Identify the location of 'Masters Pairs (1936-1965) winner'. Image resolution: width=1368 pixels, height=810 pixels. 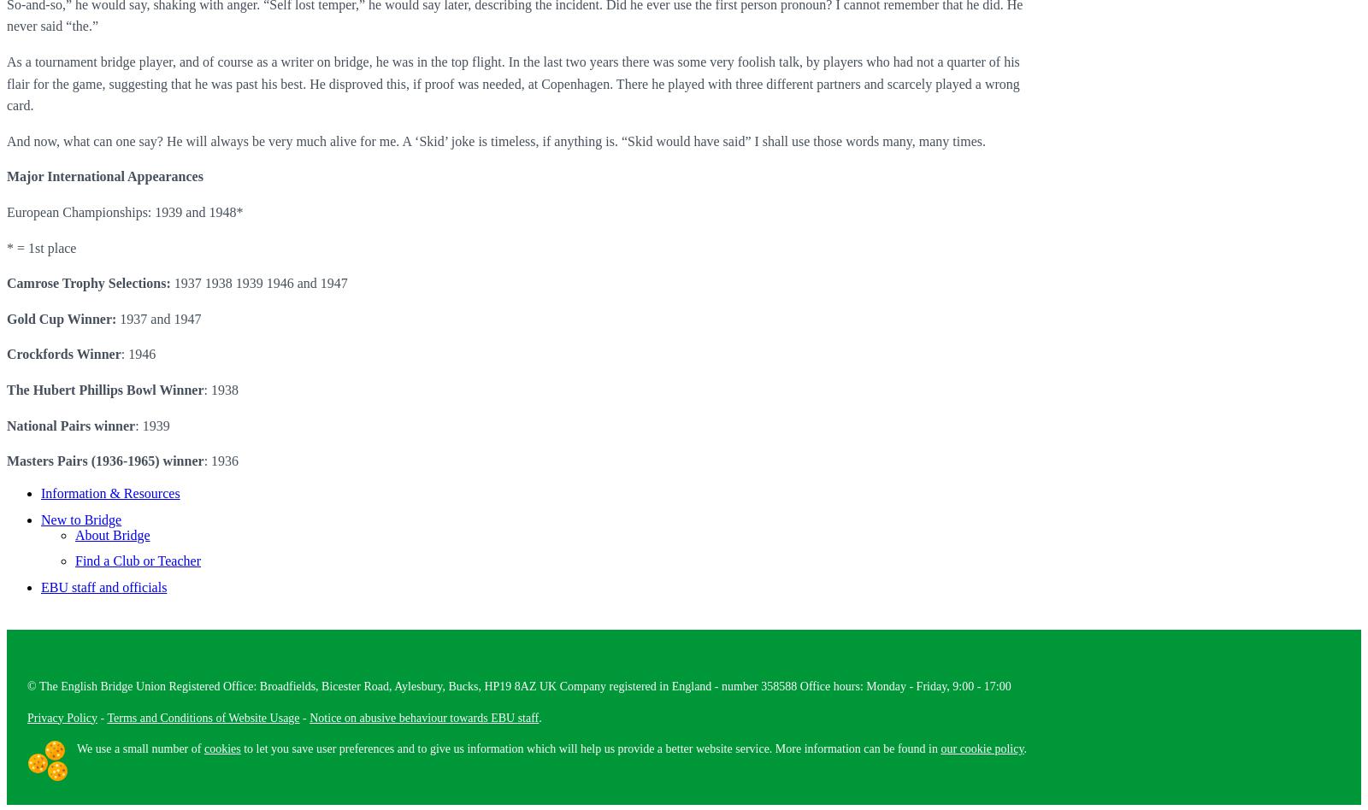
(104, 461).